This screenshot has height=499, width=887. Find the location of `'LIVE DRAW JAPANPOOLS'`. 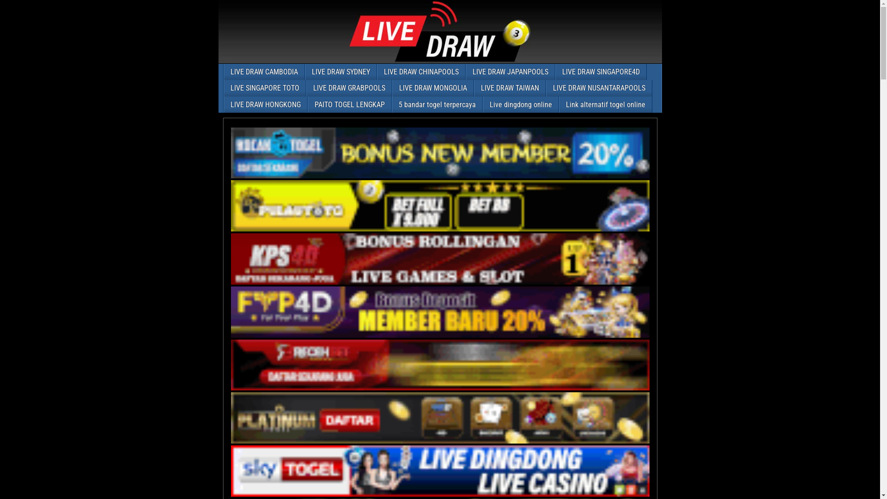

'LIVE DRAW JAPANPOOLS' is located at coordinates (466, 71).